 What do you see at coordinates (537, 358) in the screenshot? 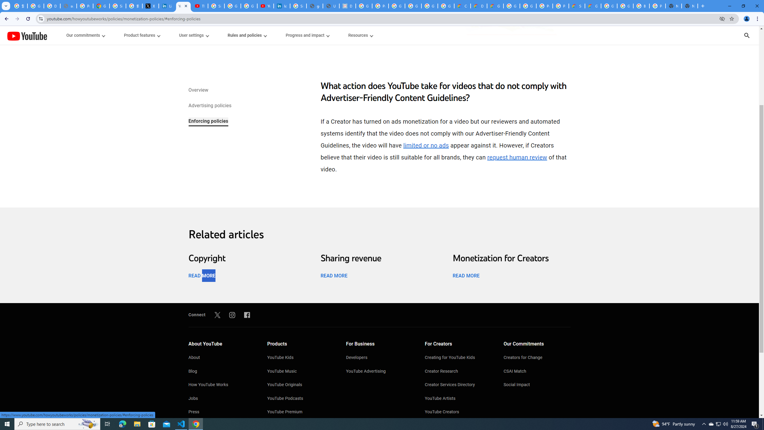
I see `'Creators for Change'` at bounding box center [537, 358].